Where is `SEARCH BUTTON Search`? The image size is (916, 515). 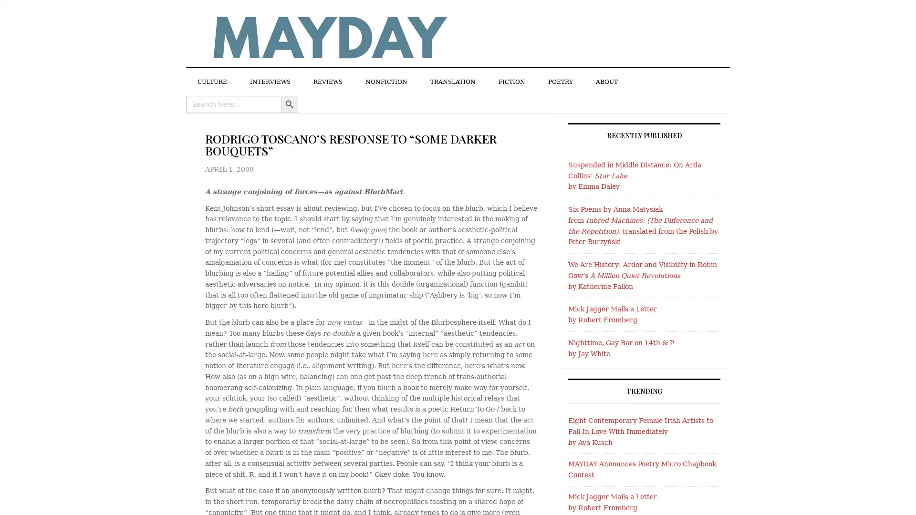 SEARCH BUTTON Search is located at coordinates (285, 104).